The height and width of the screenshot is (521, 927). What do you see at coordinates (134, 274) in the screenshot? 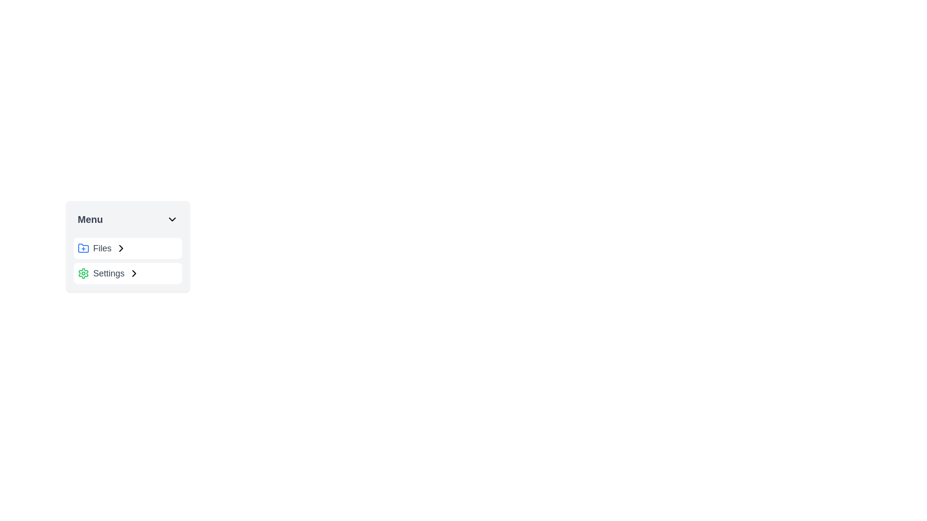
I see `the rightward-pointing chevron icon located to the right of the 'Files' label in the Menu card interface` at bounding box center [134, 274].